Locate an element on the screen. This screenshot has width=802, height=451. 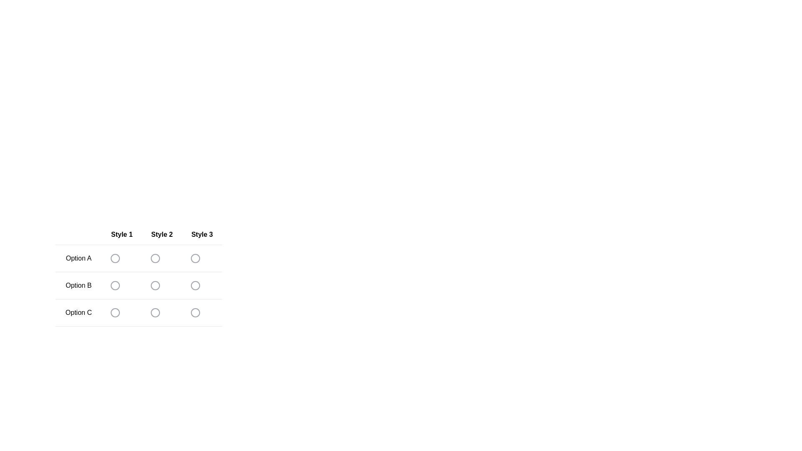
the radio button styled as a circular element labeled 'Option B' in the second row and second column under 'Style 2' is located at coordinates (139, 285).